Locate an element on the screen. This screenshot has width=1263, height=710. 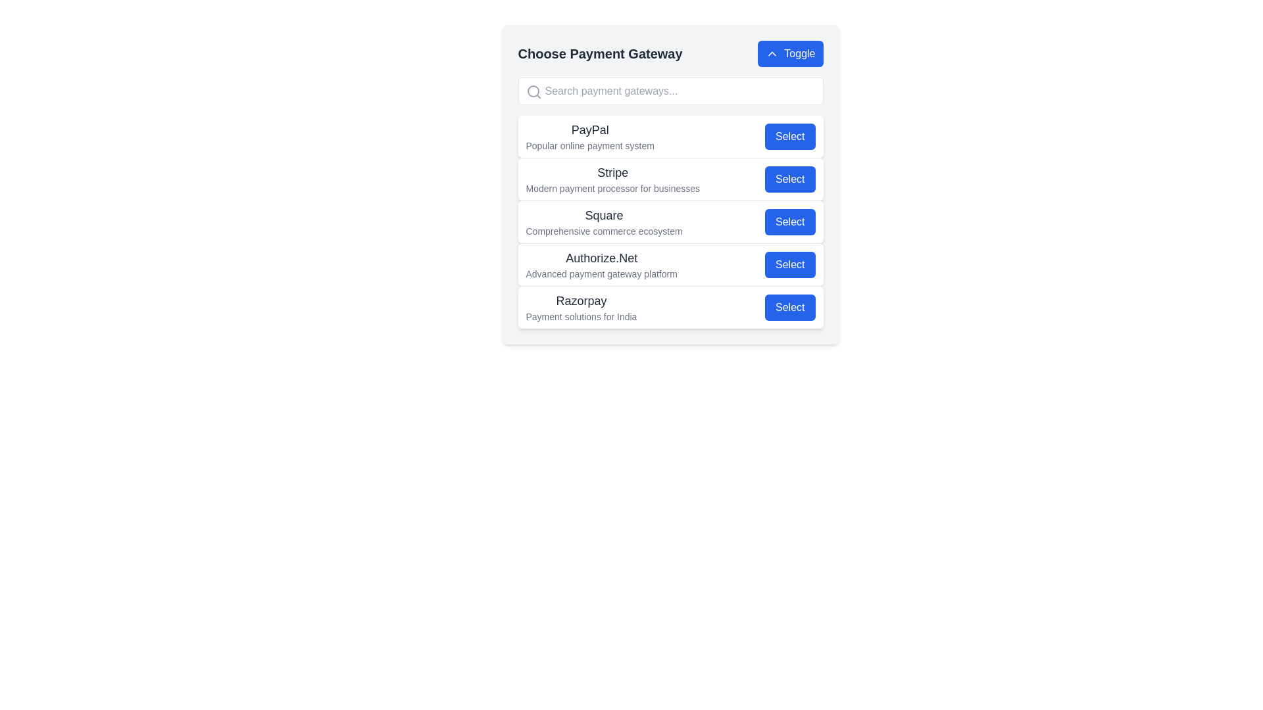
the Razorpay payment gateway button is located at coordinates (789, 307).